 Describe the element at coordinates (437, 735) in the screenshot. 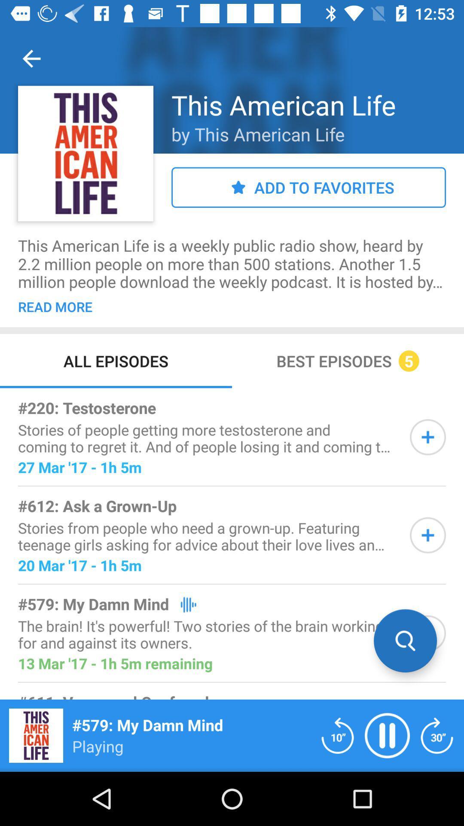

I see `fast forward 10s` at that location.